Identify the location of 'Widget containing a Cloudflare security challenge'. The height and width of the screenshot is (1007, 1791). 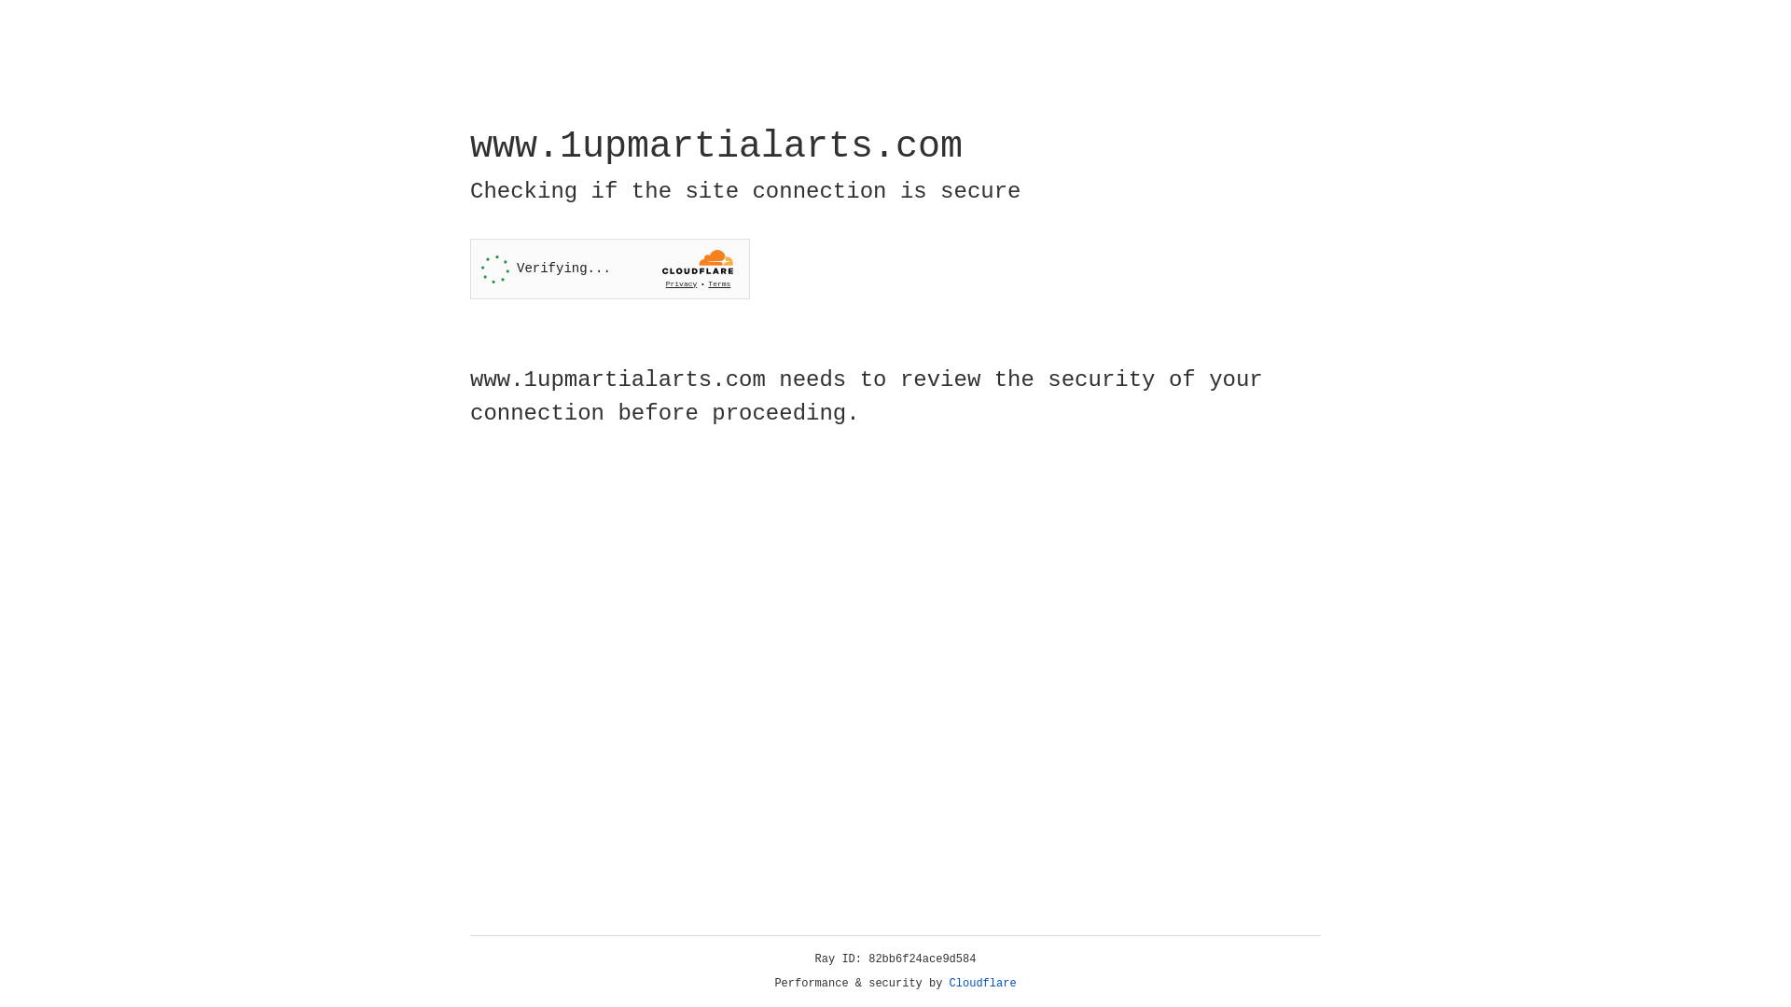
(609, 269).